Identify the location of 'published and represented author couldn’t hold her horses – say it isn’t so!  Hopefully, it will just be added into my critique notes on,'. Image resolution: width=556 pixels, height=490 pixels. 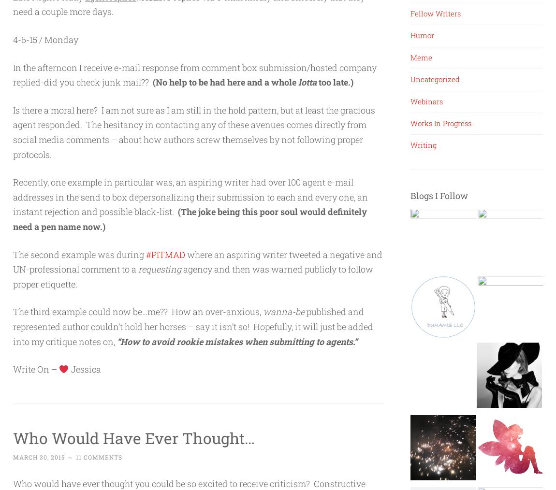
(193, 326).